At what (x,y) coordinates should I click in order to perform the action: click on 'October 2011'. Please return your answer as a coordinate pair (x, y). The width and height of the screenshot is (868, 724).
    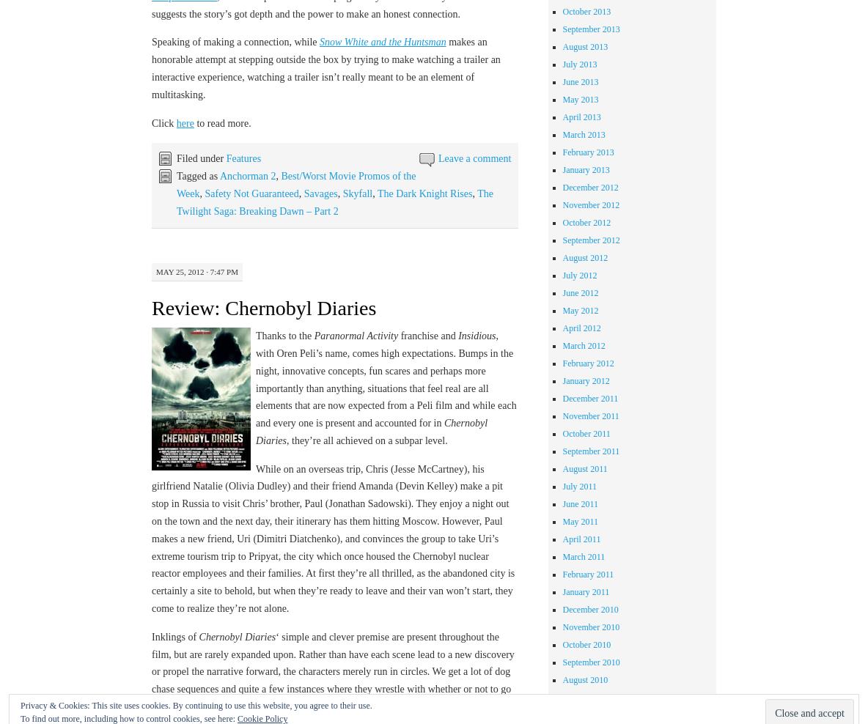
    Looking at the image, I should click on (585, 433).